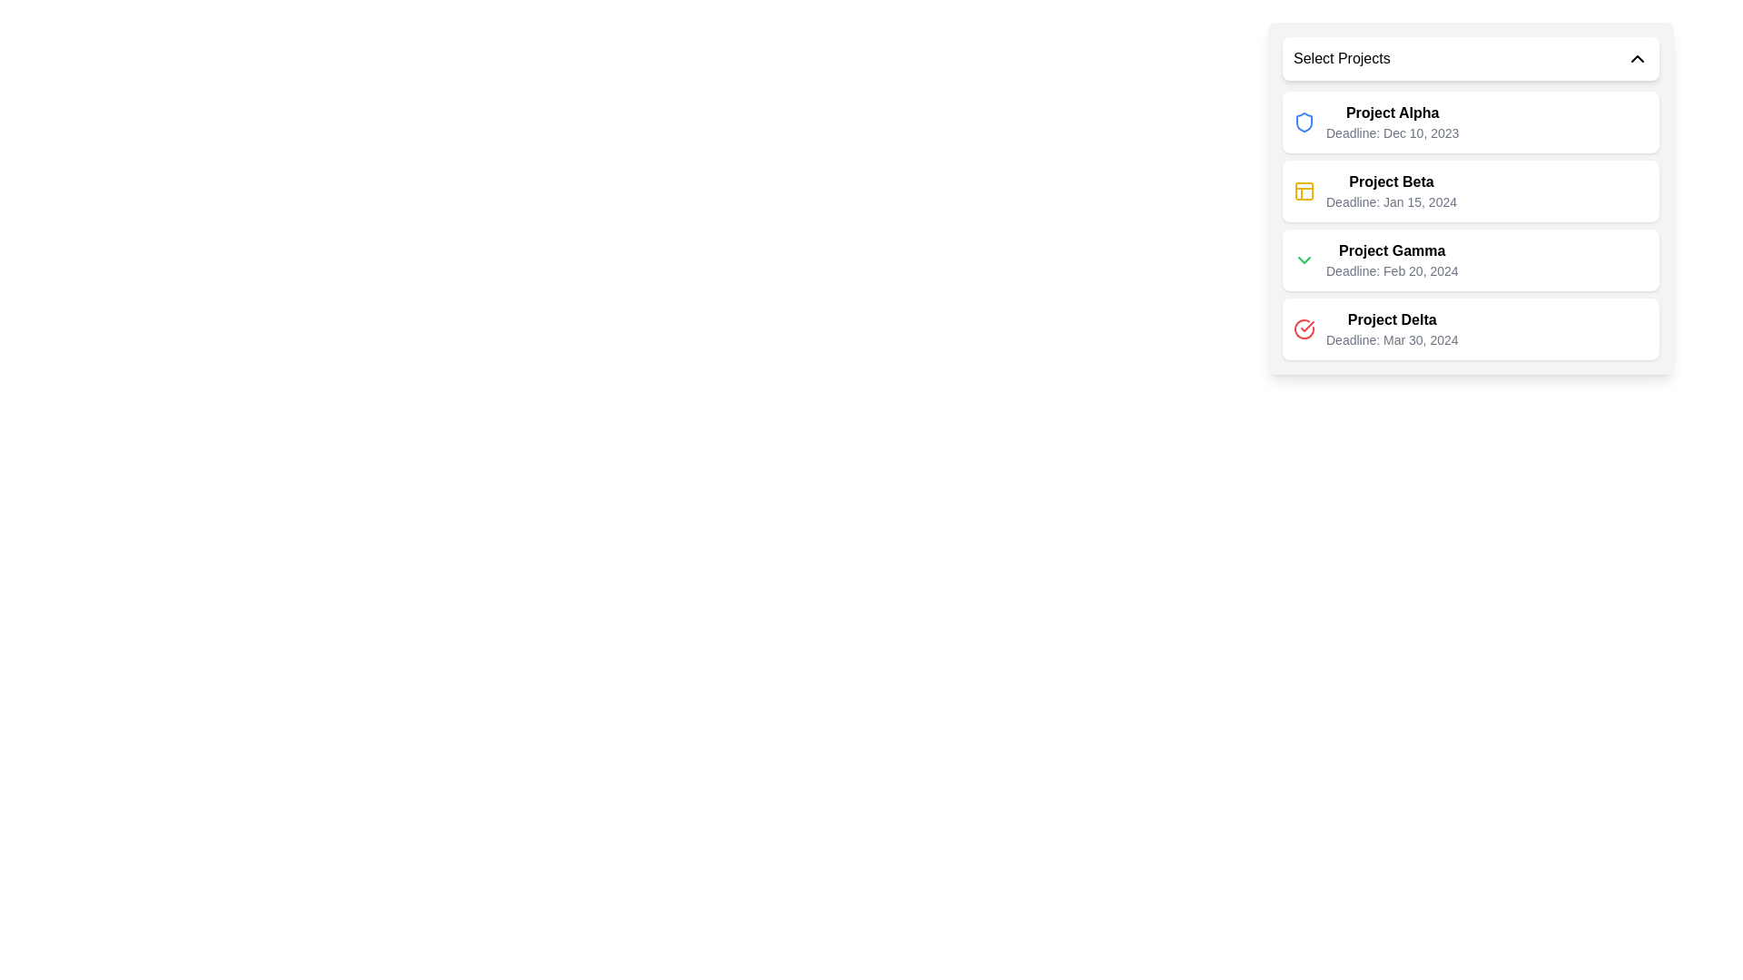 The image size is (1743, 980). What do you see at coordinates (1303, 191) in the screenshot?
I see `the small yellow outlined grid panel icon located to the immediate left of the text 'Project Beta' and its associated deadline` at bounding box center [1303, 191].